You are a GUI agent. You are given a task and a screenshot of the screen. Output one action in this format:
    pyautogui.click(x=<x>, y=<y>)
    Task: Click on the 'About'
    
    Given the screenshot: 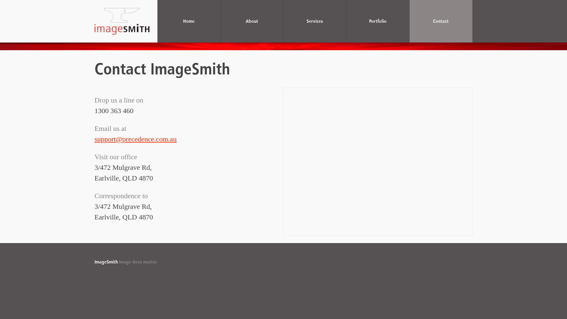 What is the action you would take?
    pyautogui.click(x=220, y=21)
    